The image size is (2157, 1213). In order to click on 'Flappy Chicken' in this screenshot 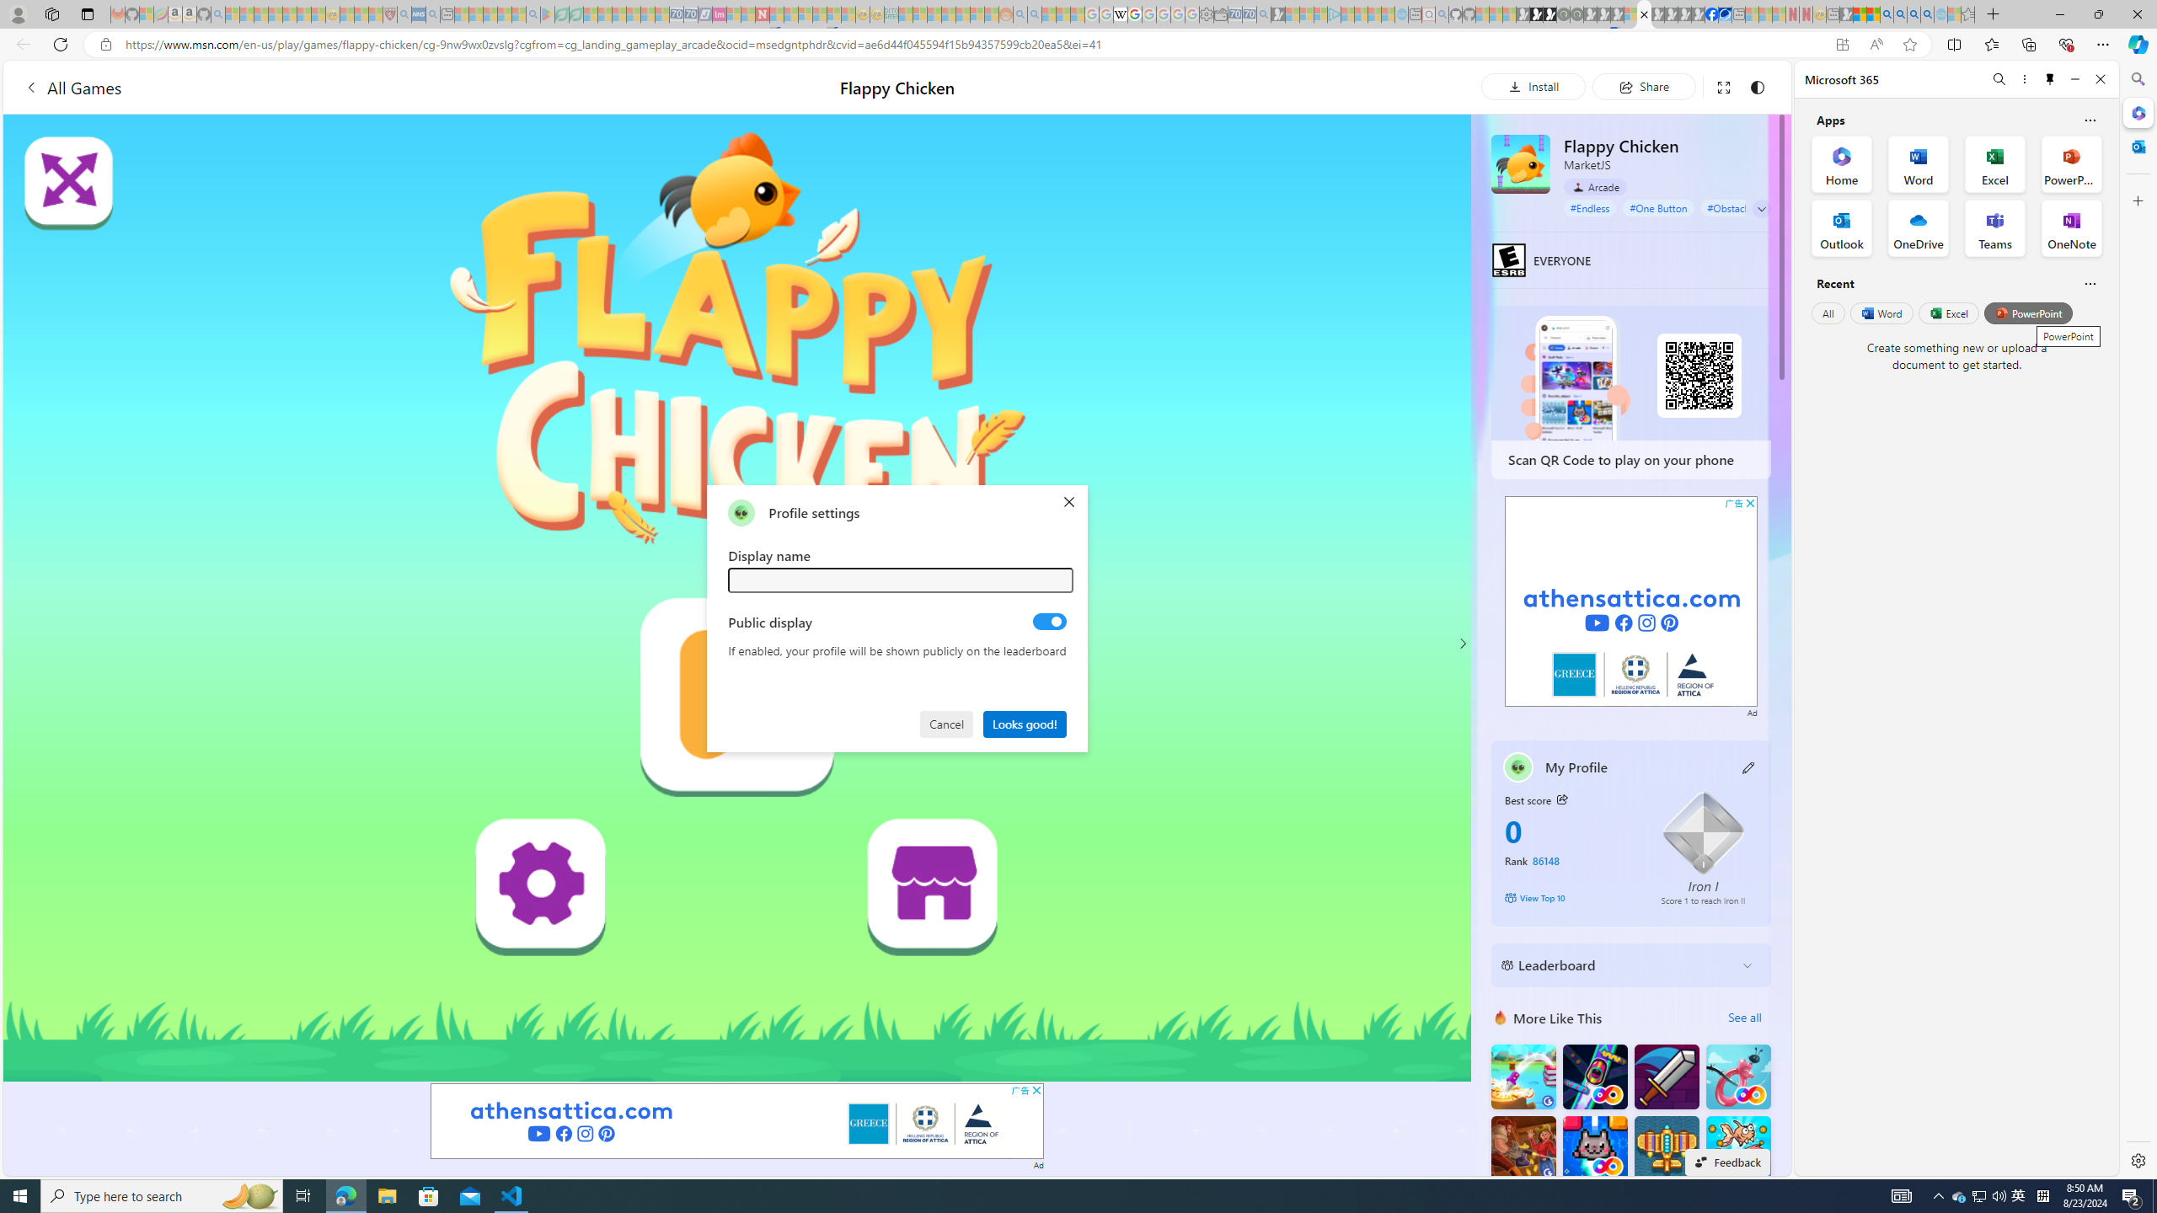, I will do `click(1519, 164)`.